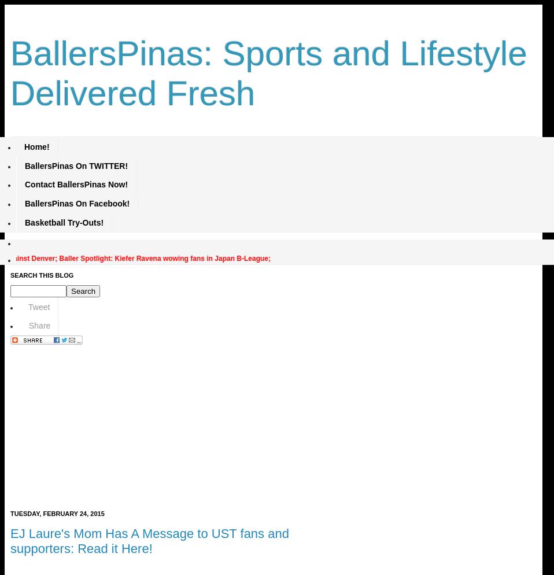  Describe the element at coordinates (268, 73) in the screenshot. I see `'BallersPinas: Sports and Lifestyle Delivered Fresh'` at that location.